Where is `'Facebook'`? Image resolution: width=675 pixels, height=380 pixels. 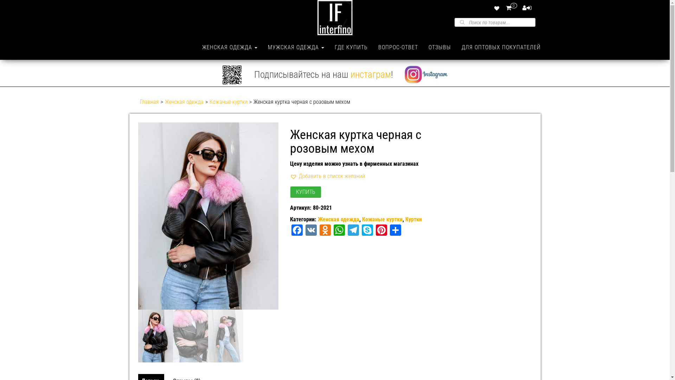
'Facebook' is located at coordinates (297, 231).